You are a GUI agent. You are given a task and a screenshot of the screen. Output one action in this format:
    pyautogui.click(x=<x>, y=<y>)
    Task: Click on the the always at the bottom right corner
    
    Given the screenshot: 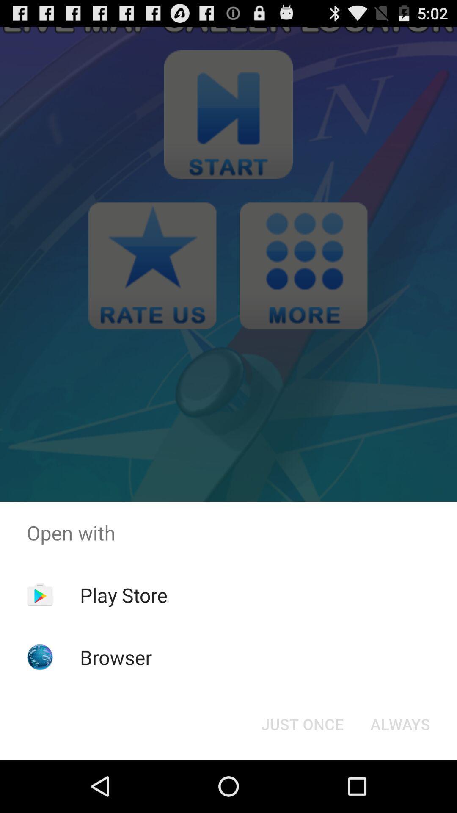 What is the action you would take?
    pyautogui.click(x=400, y=723)
    